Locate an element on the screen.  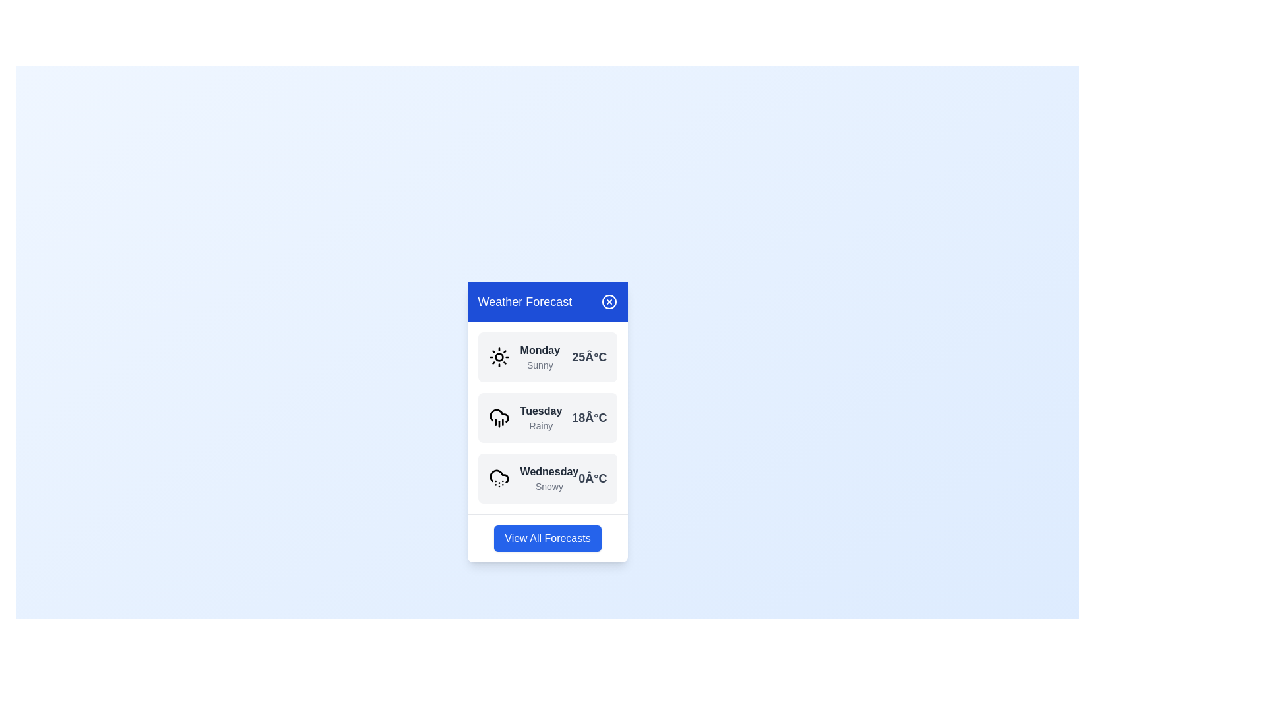
the close button to dismiss the dialog is located at coordinates (609, 301).